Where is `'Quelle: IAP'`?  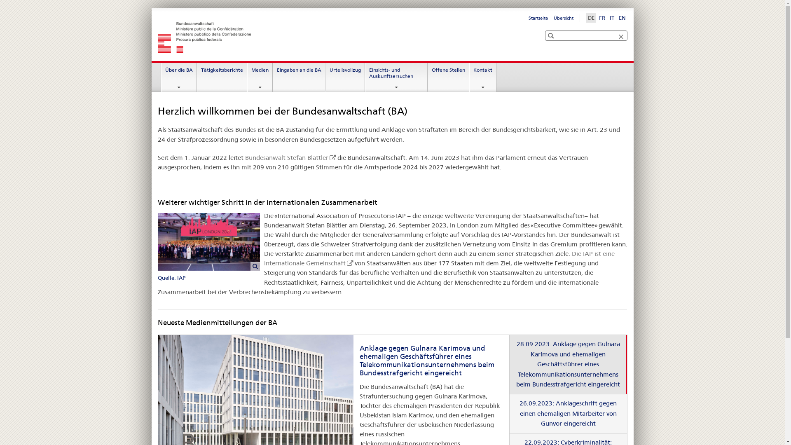
'Quelle: IAP' is located at coordinates (157, 248).